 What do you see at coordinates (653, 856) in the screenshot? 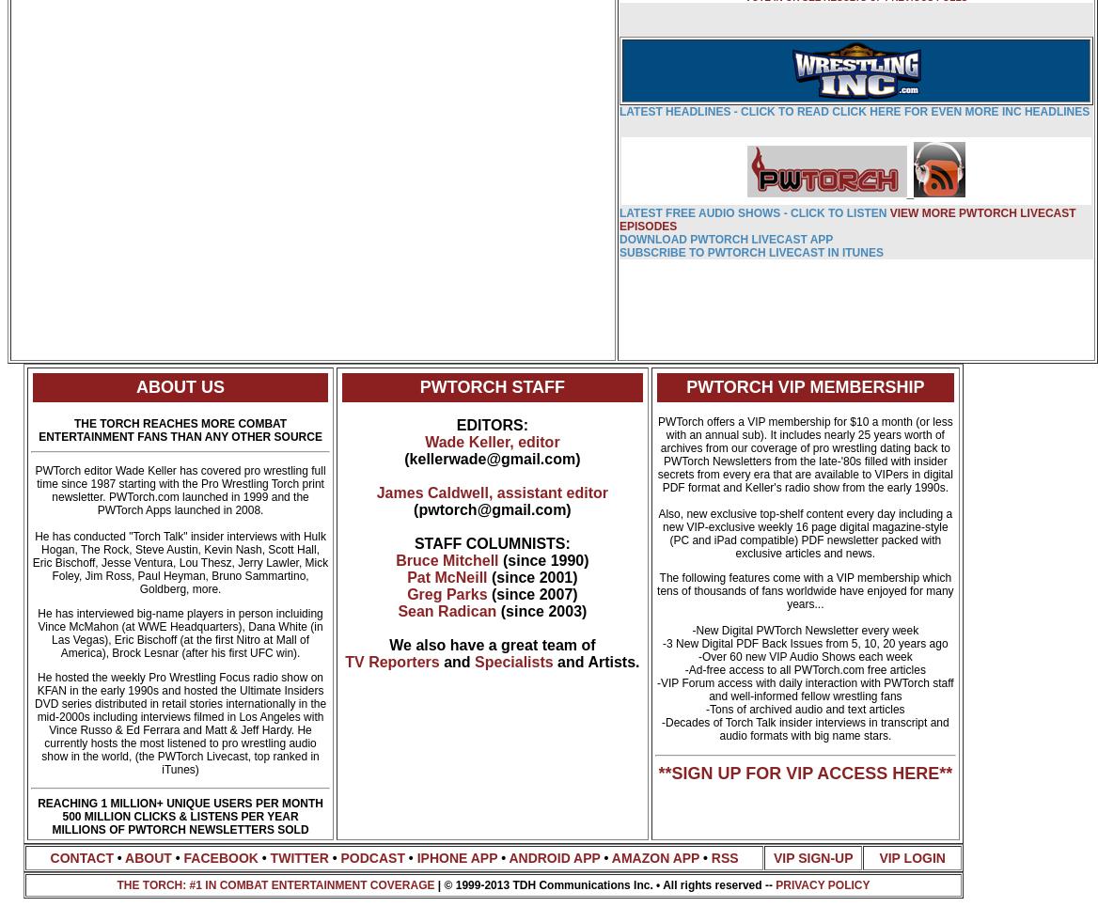
I see `'AMAZON APP'` at bounding box center [653, 856].